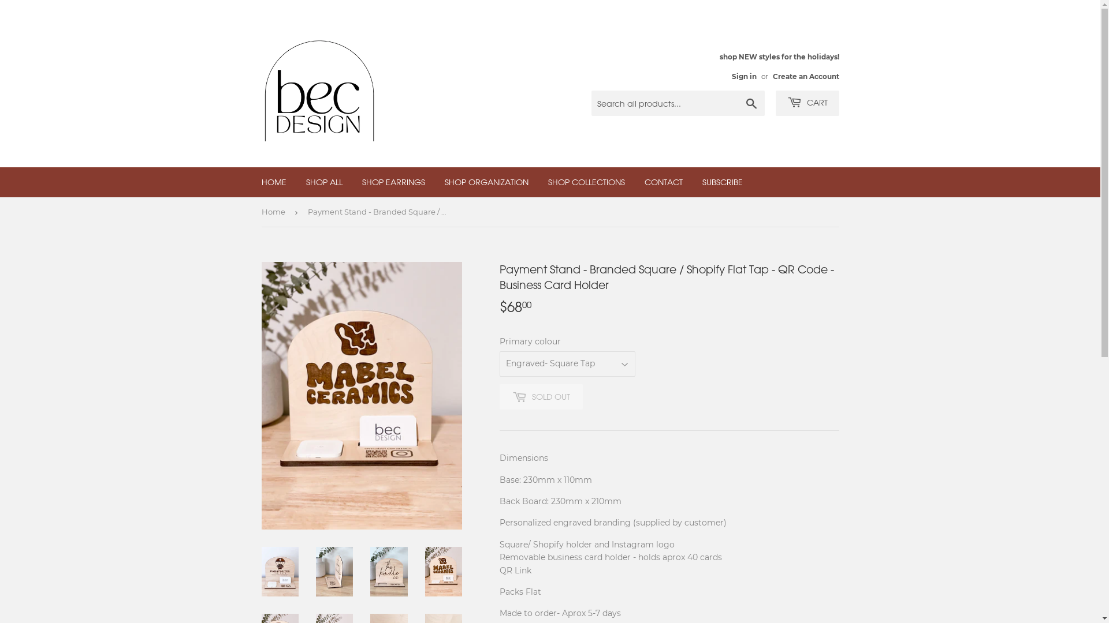 The width and height of the screenshot is (1109, 623). I want to click on 'CART', so click(806, 102).